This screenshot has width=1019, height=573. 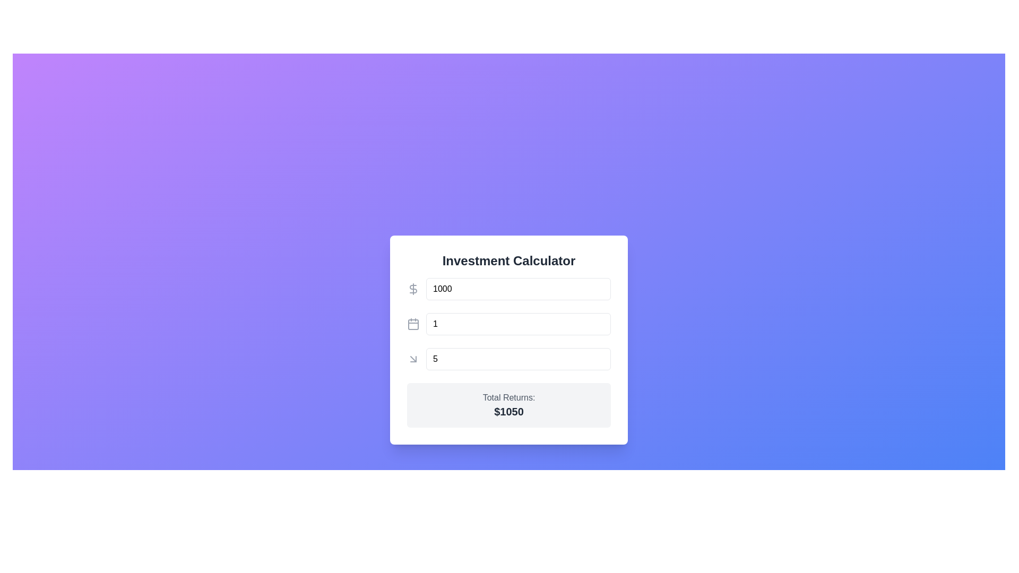 I want to click on the headline text labeled 'Investment Calculator', which is styled with large, bold, dark font and is centered at the top of the investment calculator form, so click(x=508, y=261).